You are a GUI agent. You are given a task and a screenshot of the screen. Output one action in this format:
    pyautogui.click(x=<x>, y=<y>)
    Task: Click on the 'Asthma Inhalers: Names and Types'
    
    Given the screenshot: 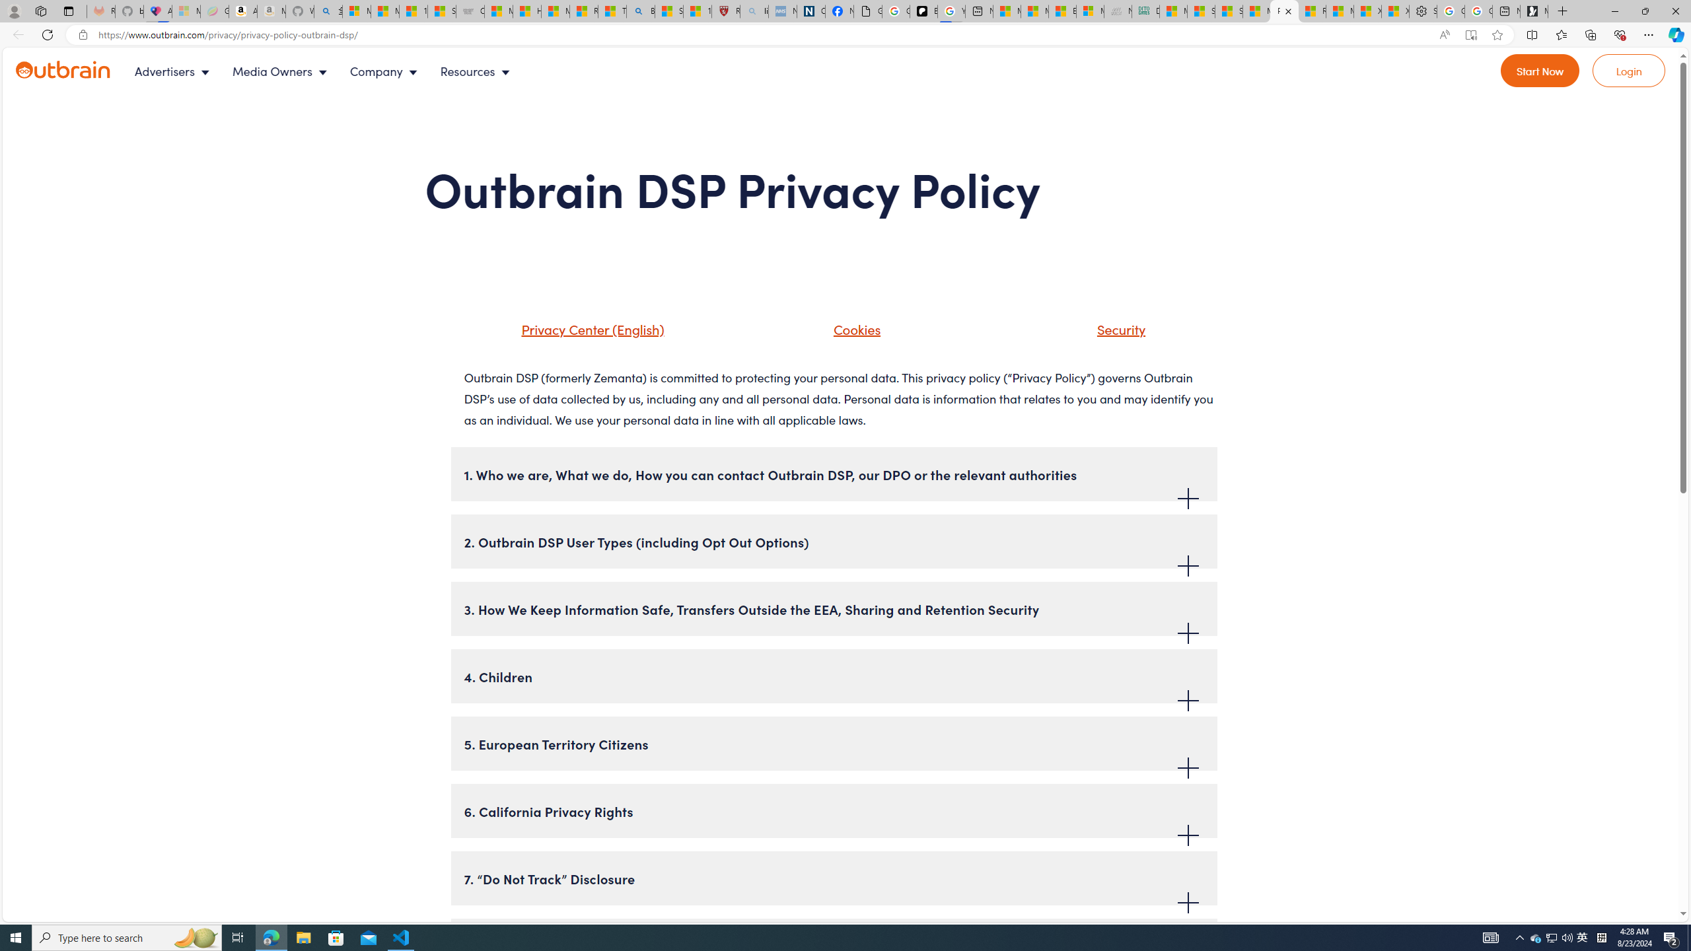 What is the action you would take?
    pyautogui.click(x=158, y=11)
    